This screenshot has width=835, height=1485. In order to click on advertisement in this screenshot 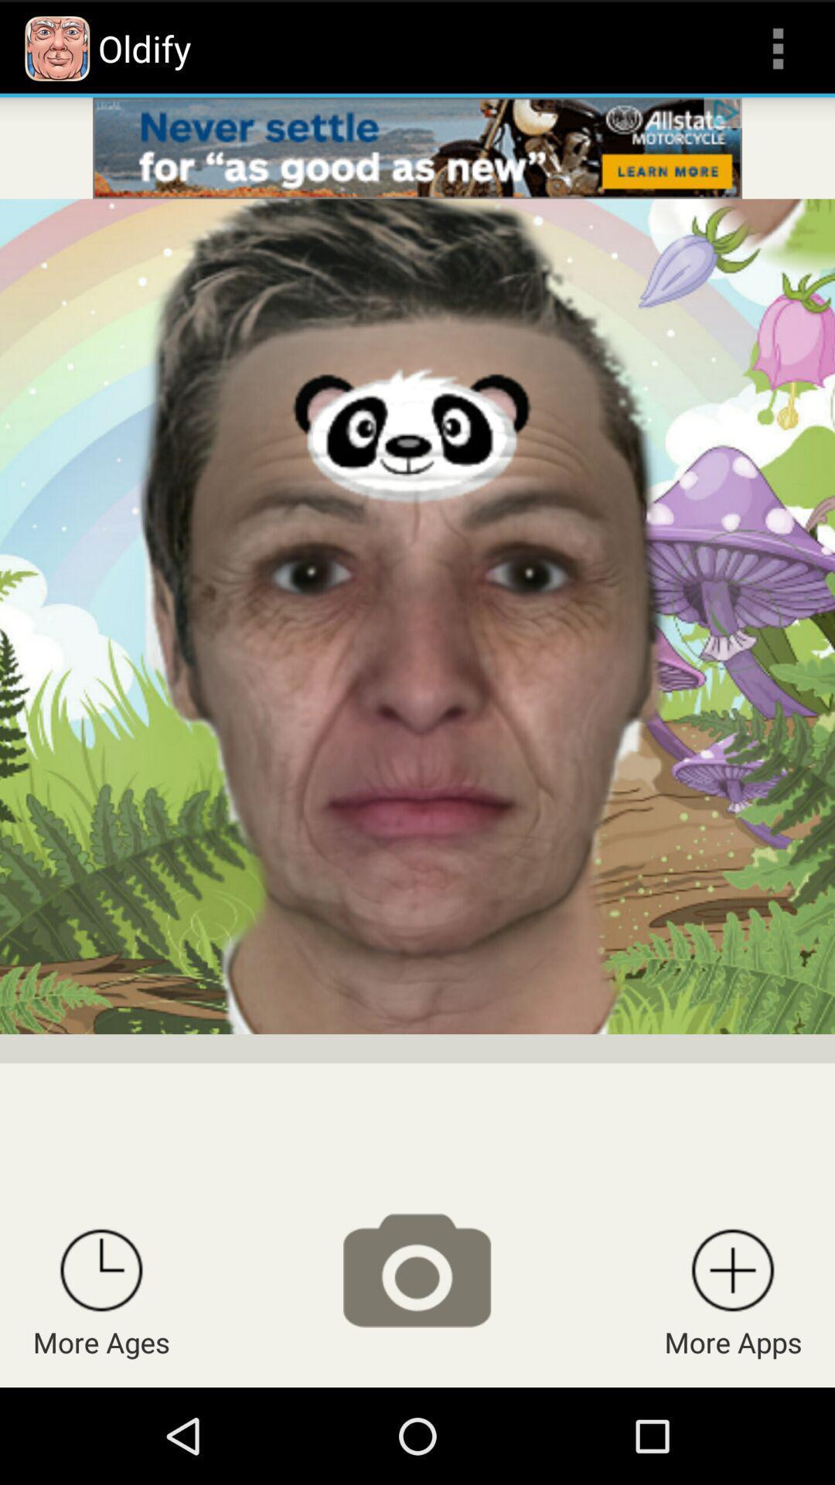, I will do `click(417, 148)`.